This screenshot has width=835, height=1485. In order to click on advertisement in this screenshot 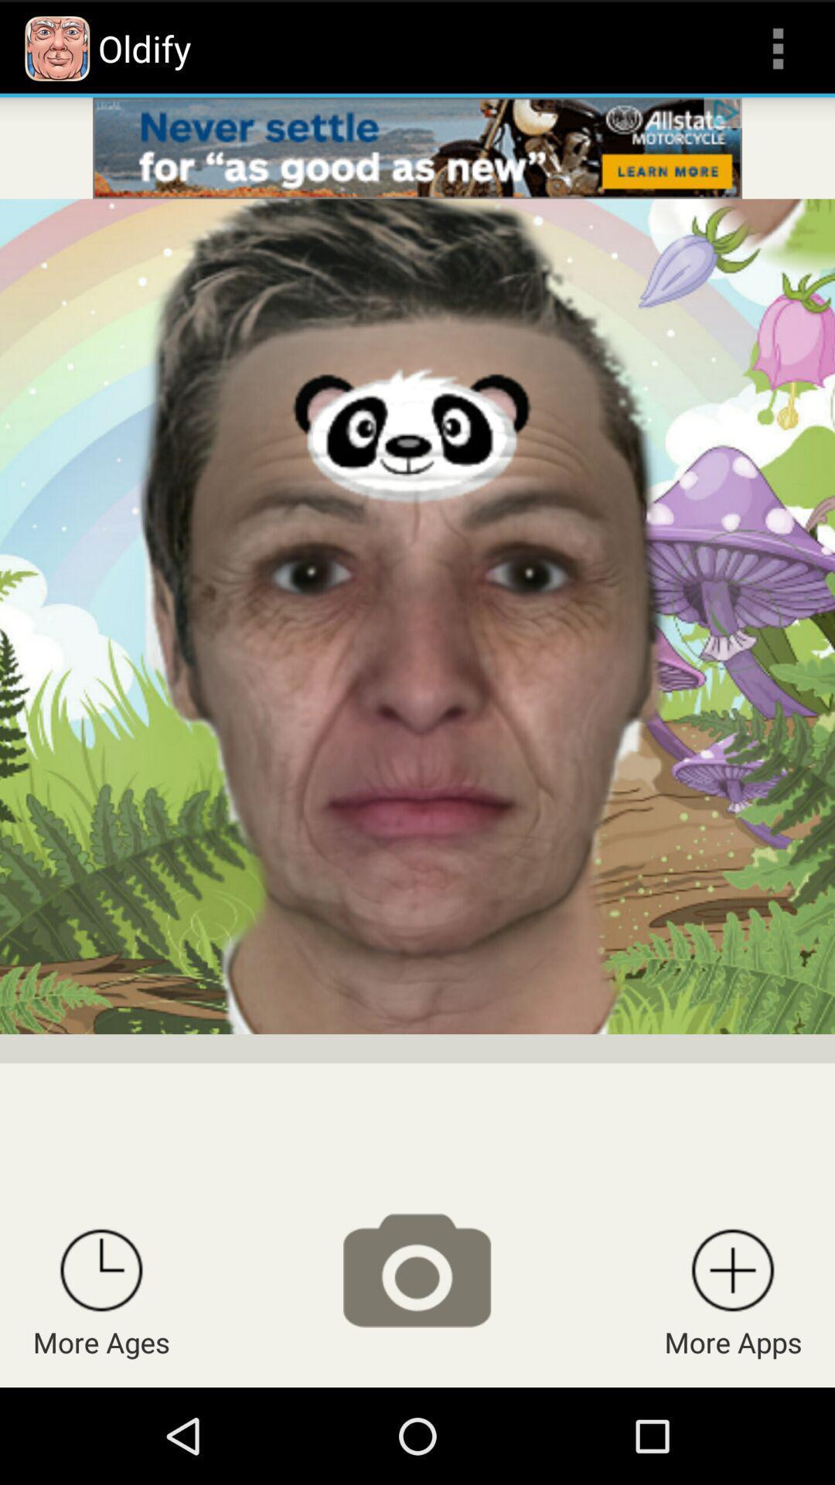, I will do `click(417, 148)`.